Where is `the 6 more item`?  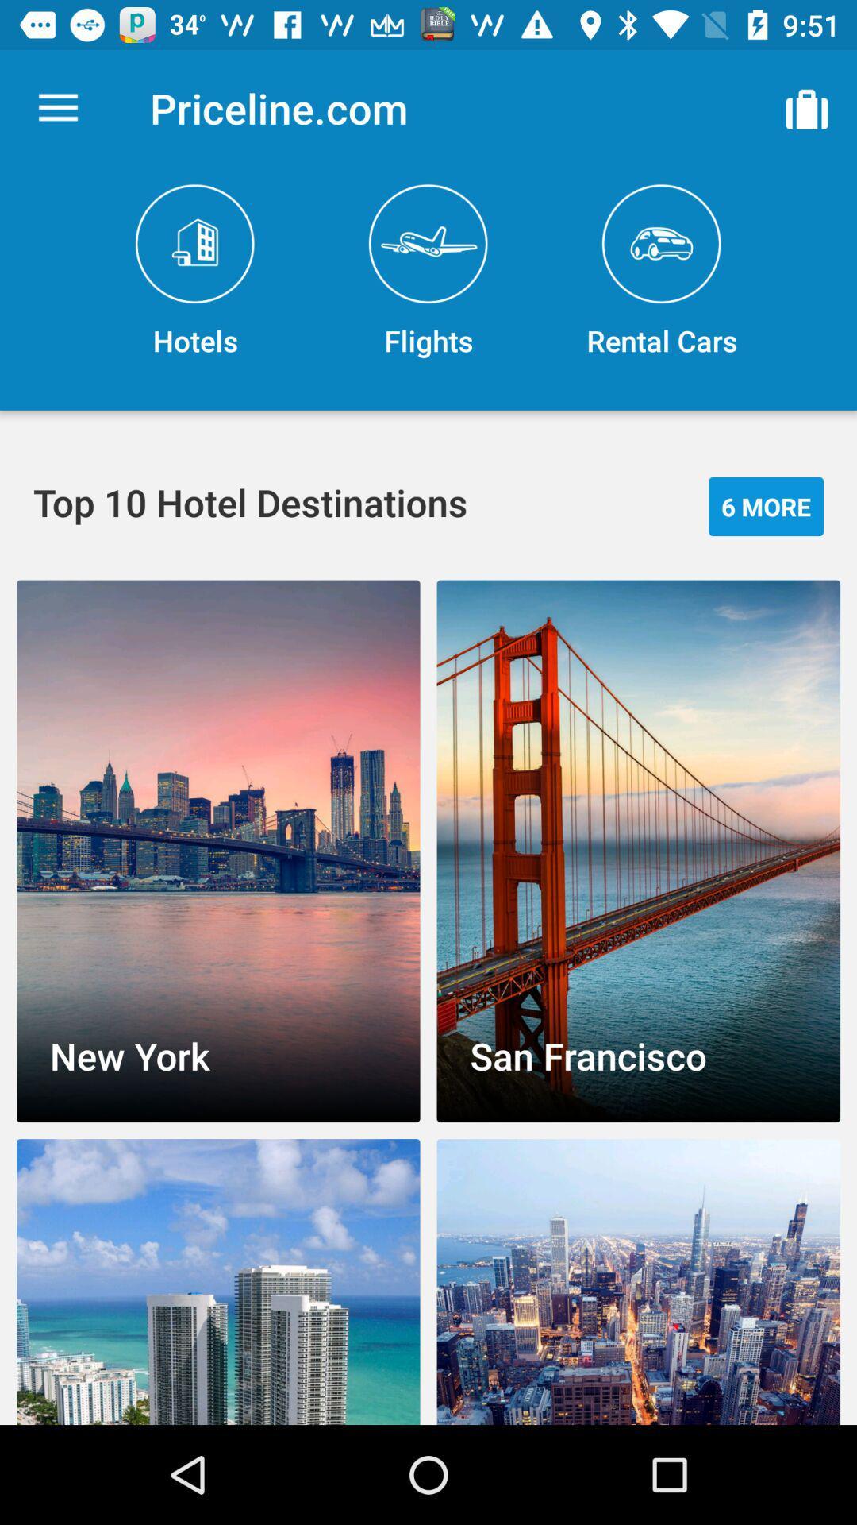
the 6 more item is located at coordinates (765, 505).